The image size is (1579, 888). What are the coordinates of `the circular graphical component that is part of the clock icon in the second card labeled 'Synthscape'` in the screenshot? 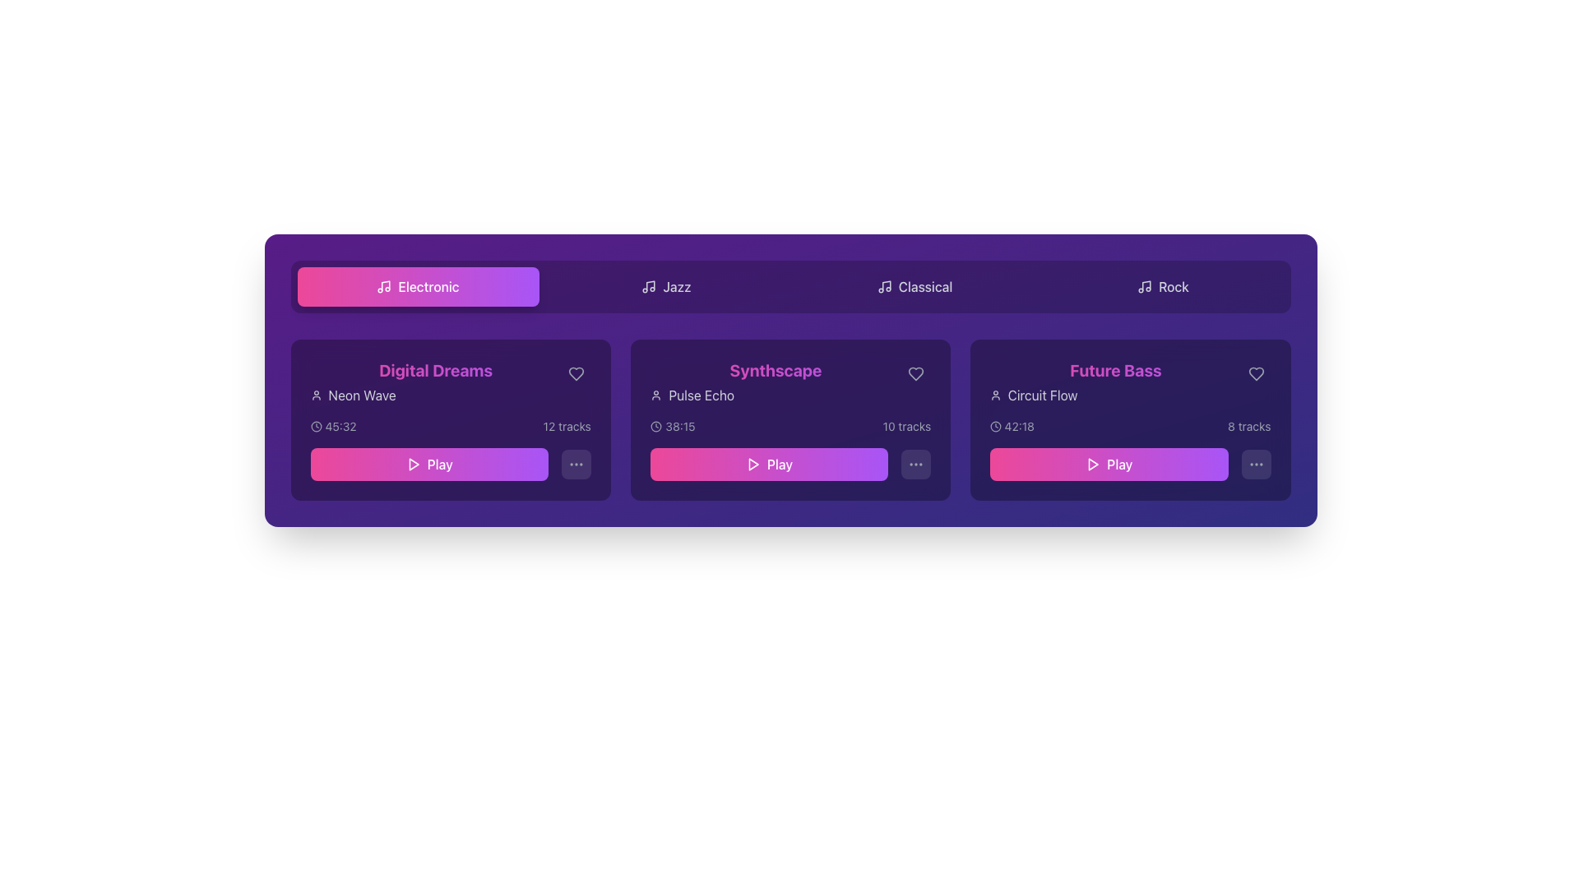 It's located at (655, 426).